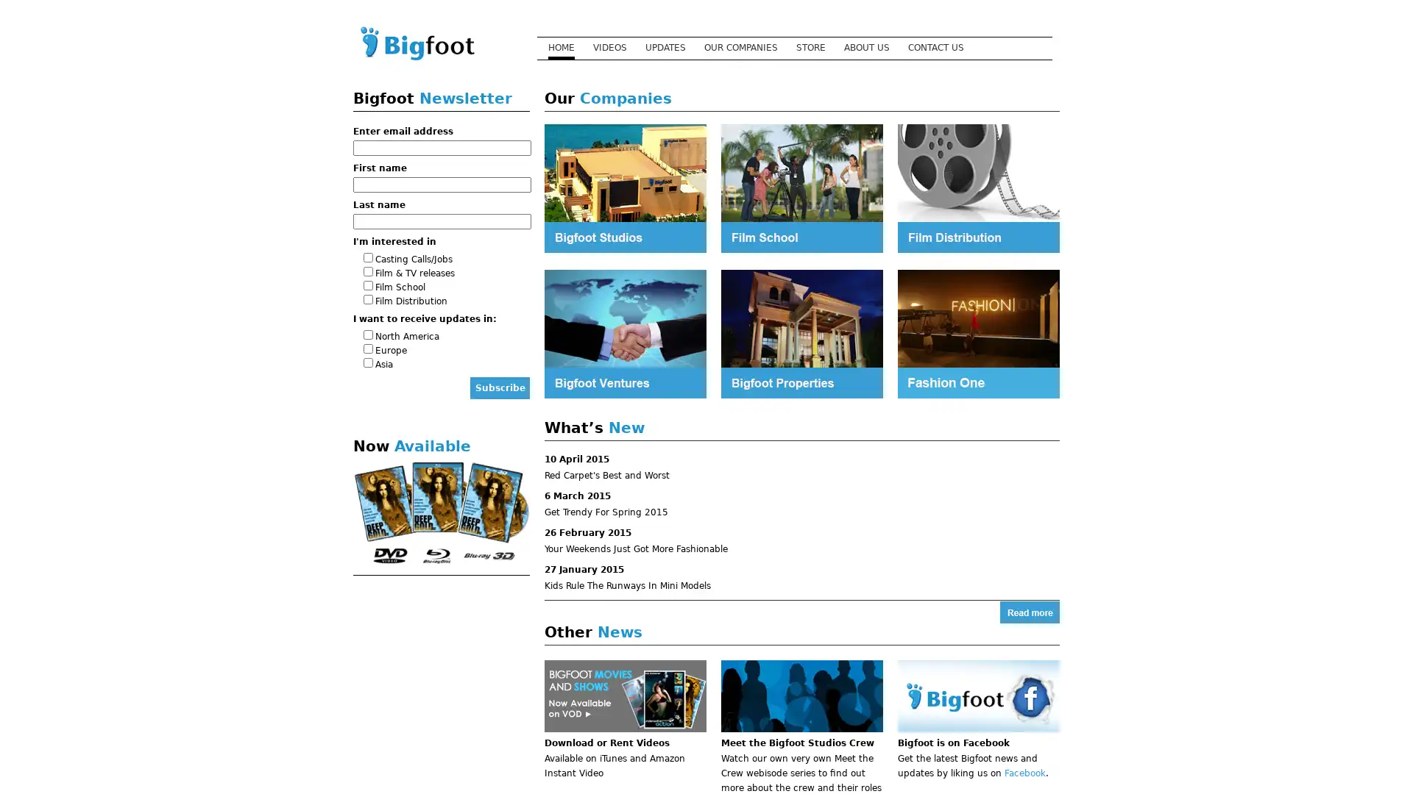 The width and height of the screenshot is (1413, 794). I want to click on Subscribe, so click(500, 387).